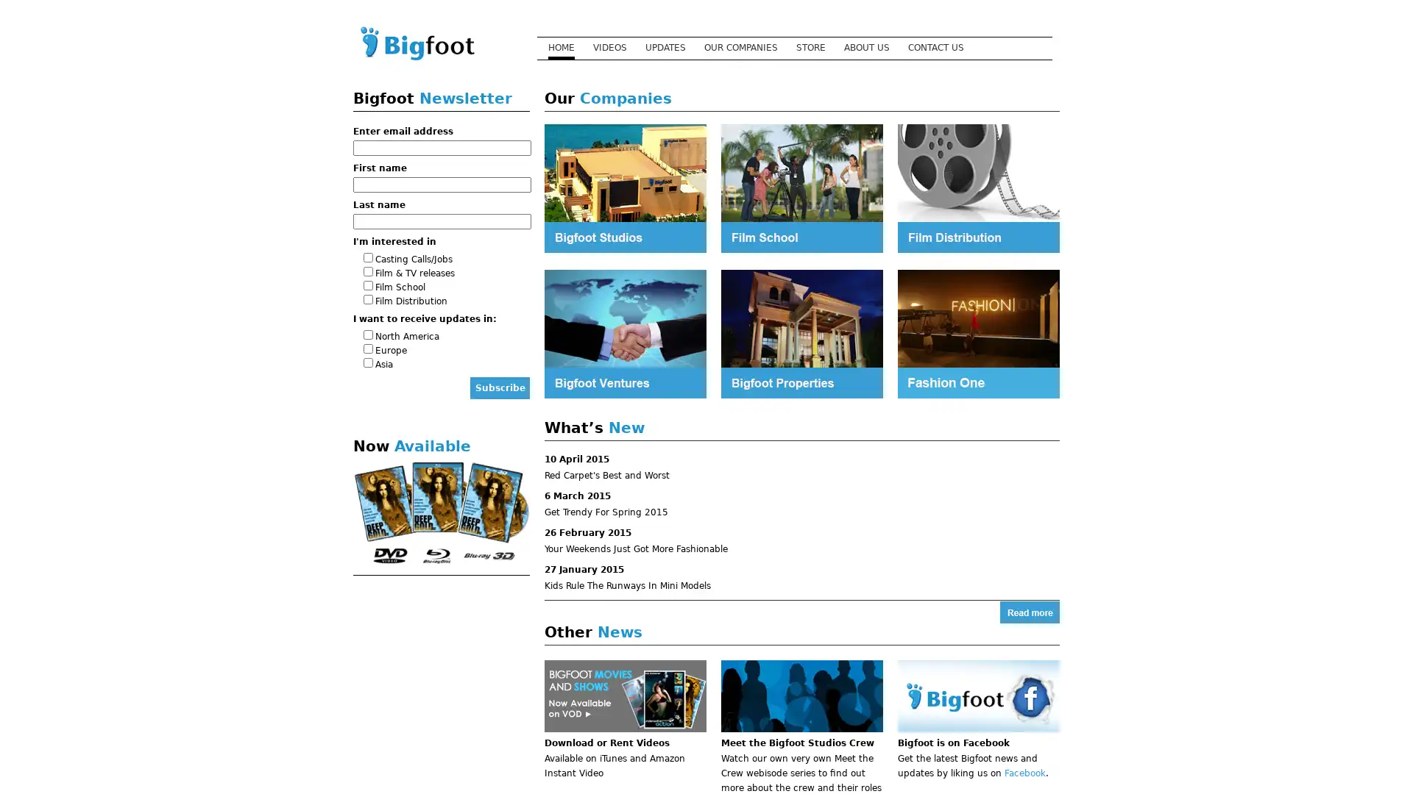 The width and height of the screenshot is (1413, 794). I want to click on Subscribe, so click(500, 387).